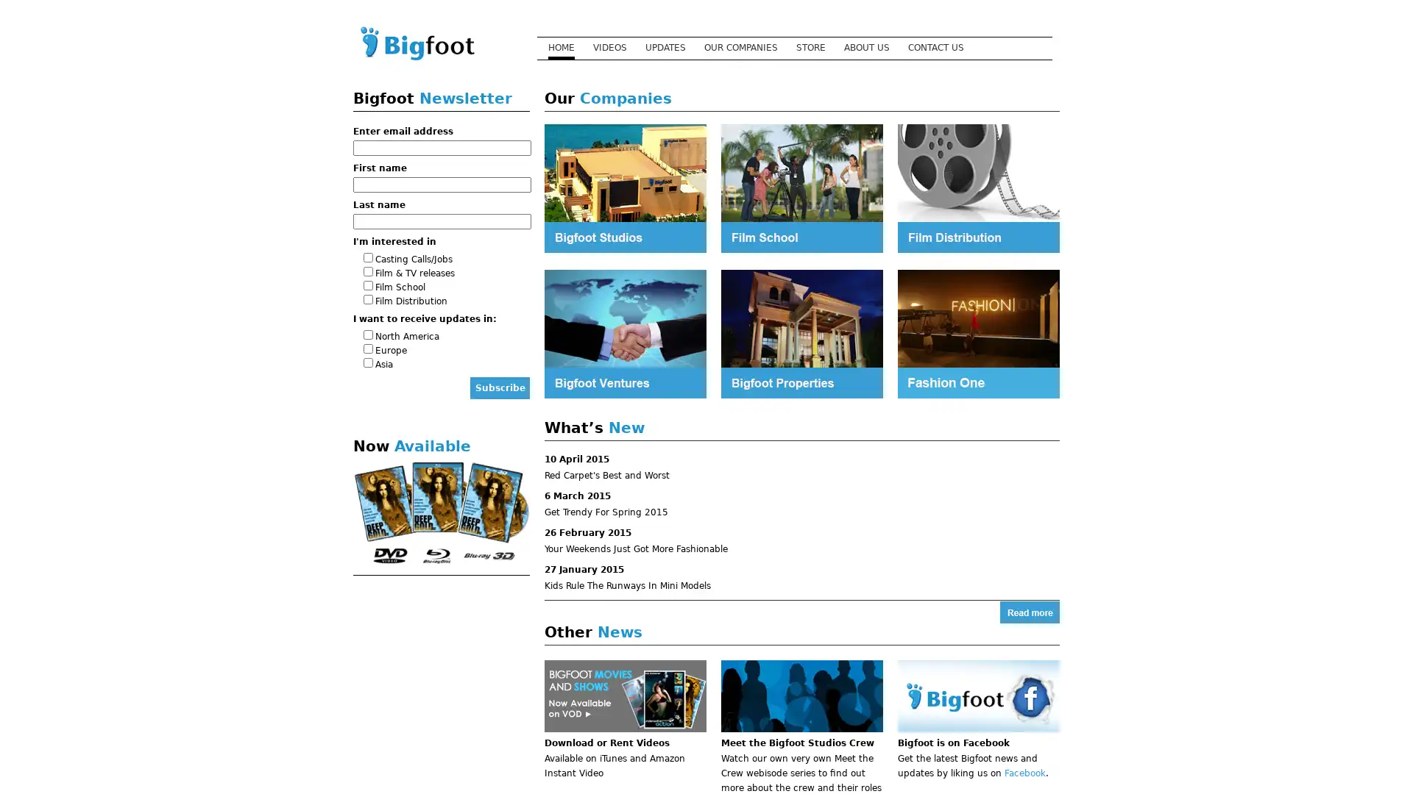 The width and height of the screenshot is (1413, 794). I want to click on Subscribe, so click(500, 387).